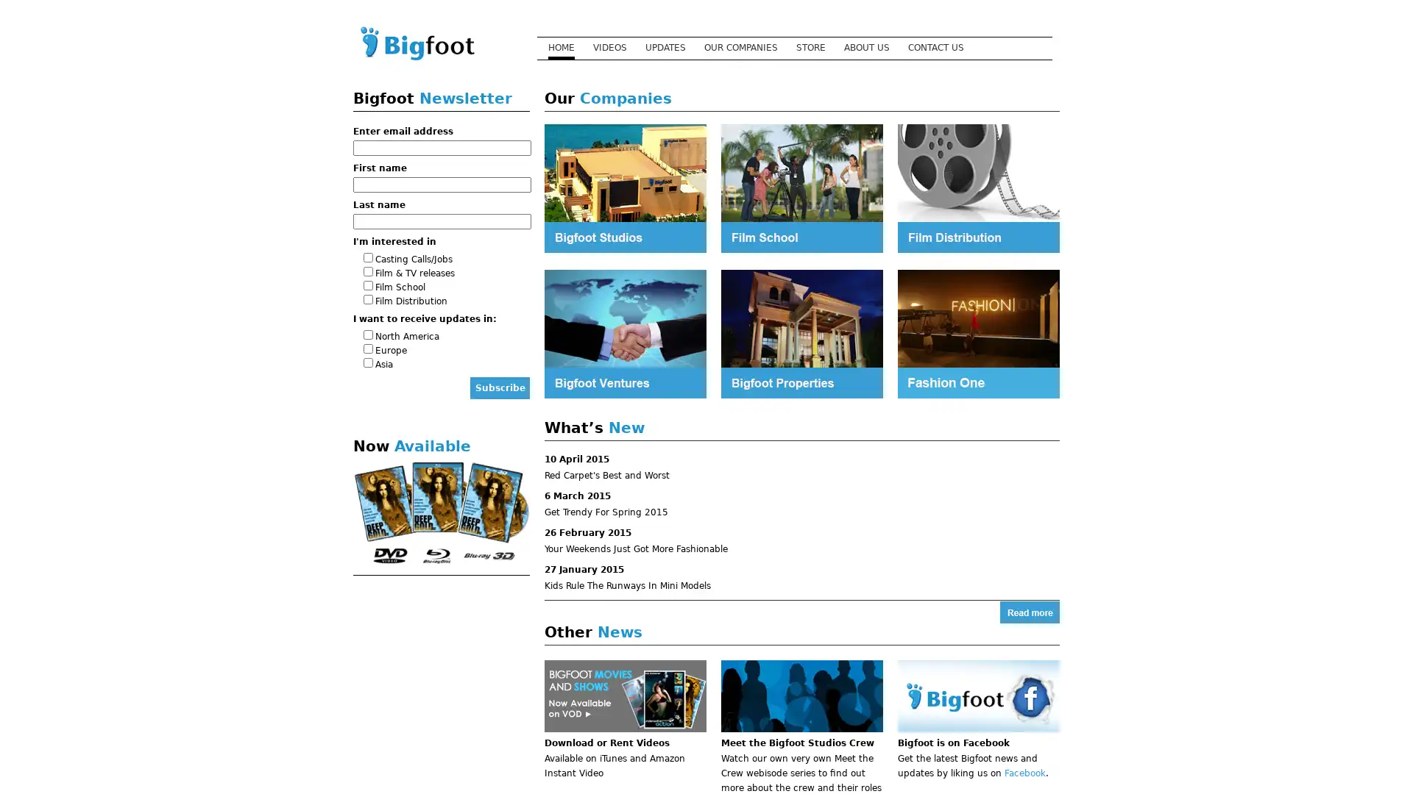 The width and height of the screenshot is (1413, 794). I want to click on Subscribe, so click(500, 387).